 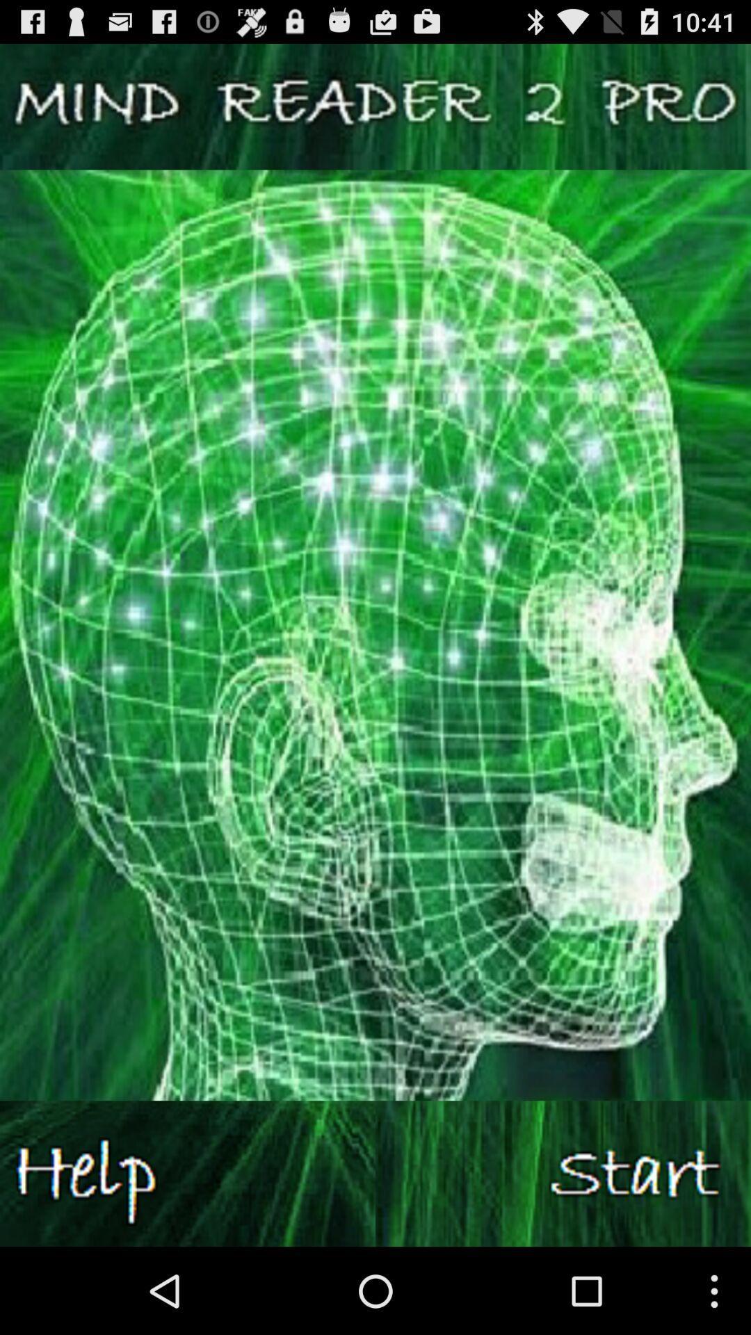 What do you see at coordinates (188, 1173) in the screenshot?
I see `help with the app 's functionality` at bounding box center [188, 1173].